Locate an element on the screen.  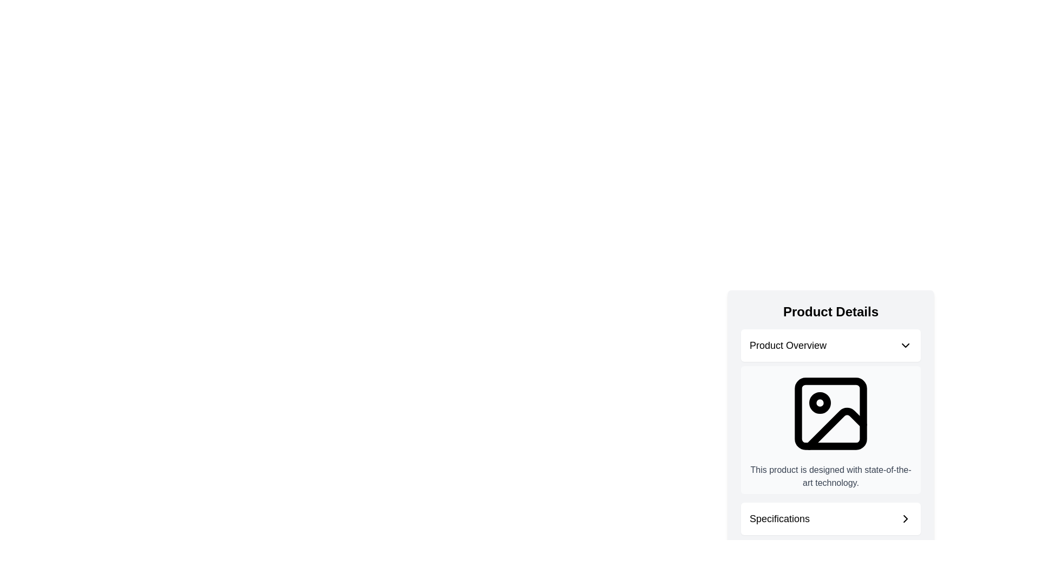
the Composite component containing an image icon and descriptive text that reads 'This product is designed with state-of-the-art technology.' is located at coordinates (830, 430).